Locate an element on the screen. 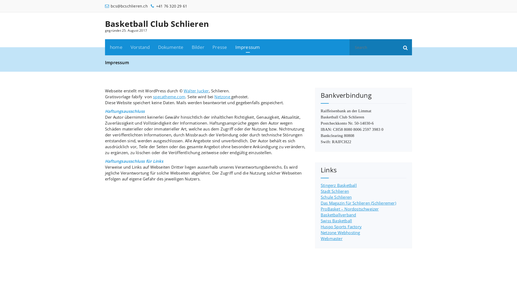 The height and width of the screenshot is (290, 517). 'Vorstand' is located at coordinates (140, 47).